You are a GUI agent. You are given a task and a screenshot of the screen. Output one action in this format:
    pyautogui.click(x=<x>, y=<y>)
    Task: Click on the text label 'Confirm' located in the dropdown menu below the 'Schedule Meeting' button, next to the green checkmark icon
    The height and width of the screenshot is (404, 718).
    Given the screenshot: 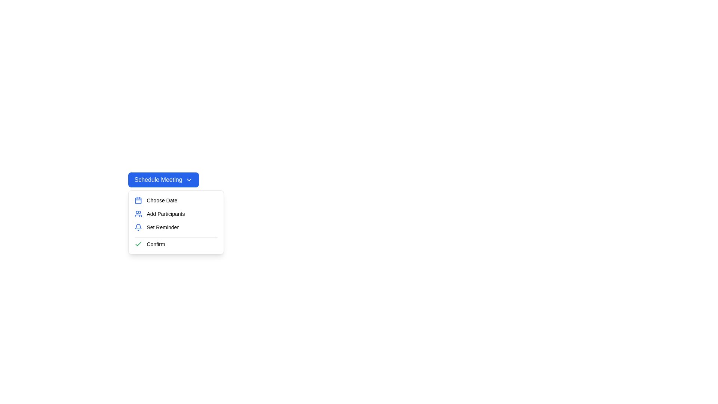 What is the action you would take?
    pyautogui.click(x=156, y=244)
    